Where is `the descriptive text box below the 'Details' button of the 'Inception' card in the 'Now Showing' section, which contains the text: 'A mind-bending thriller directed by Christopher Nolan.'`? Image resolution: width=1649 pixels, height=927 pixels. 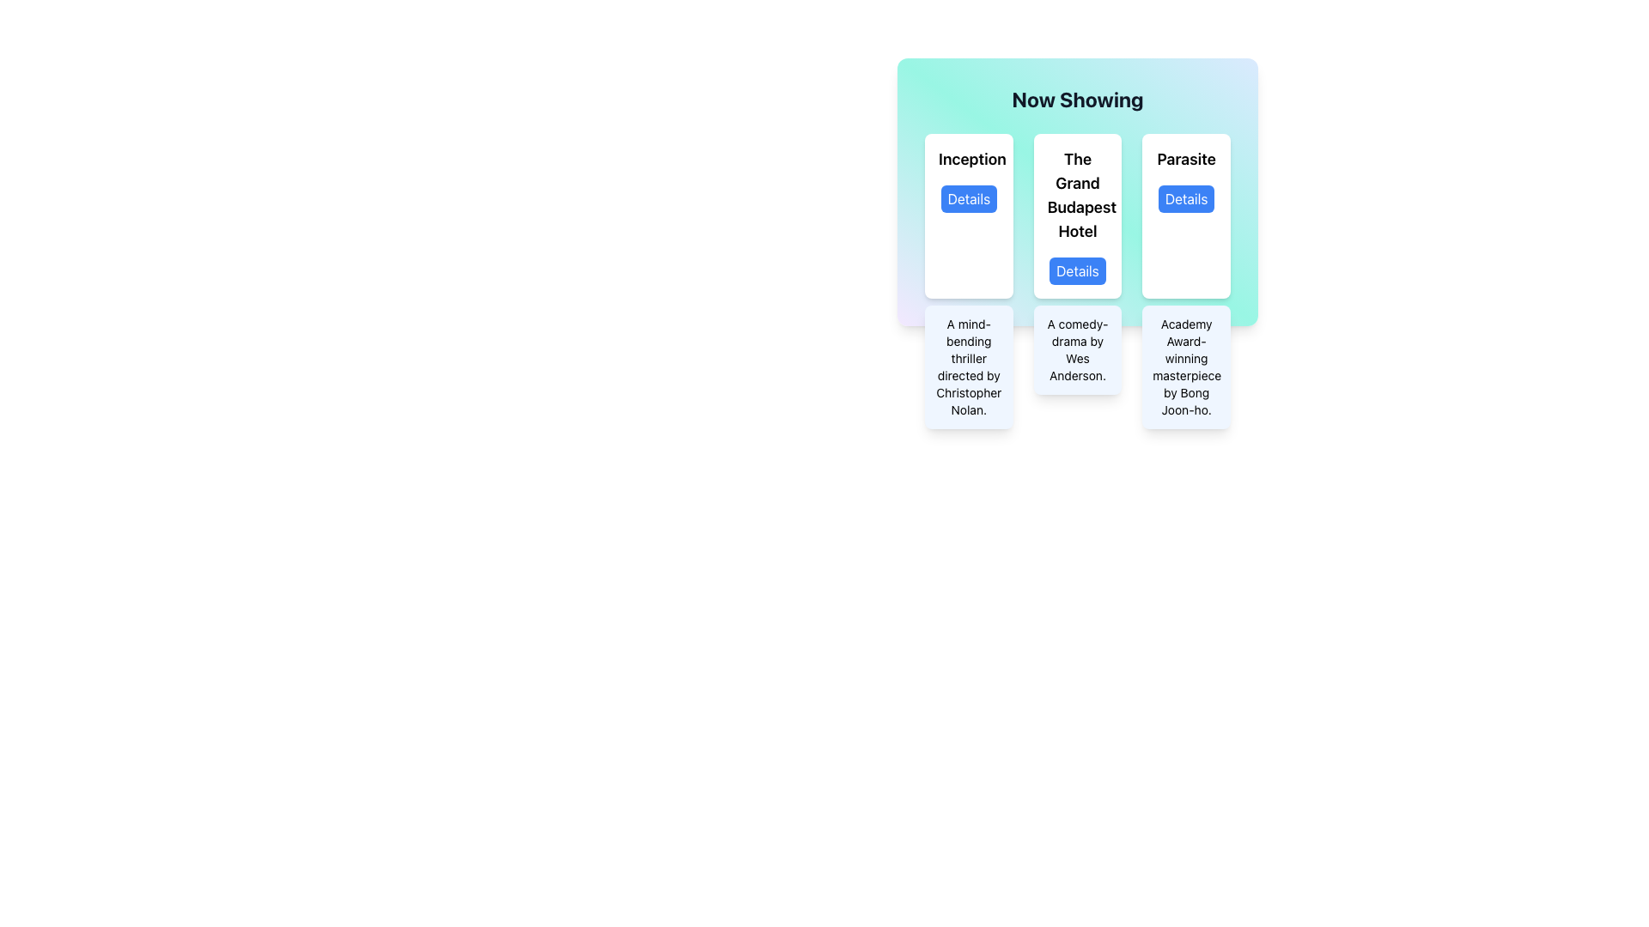 the descriptive text box below the 'Details' button of the 'Inception' card in the 'Now Showing' section, which contains the text: 'A mind-bending thriller directed by Christopher Nolan.' is located at coordinates (969, 367).